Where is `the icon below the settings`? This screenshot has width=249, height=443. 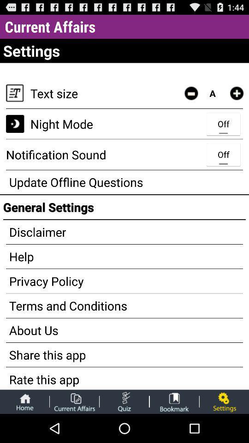 the icon below the settings is located at coordinates (190, 93).